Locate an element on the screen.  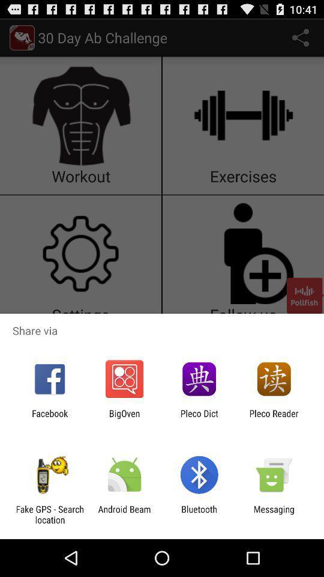
the messaging item is located at coordinates (274, 514).